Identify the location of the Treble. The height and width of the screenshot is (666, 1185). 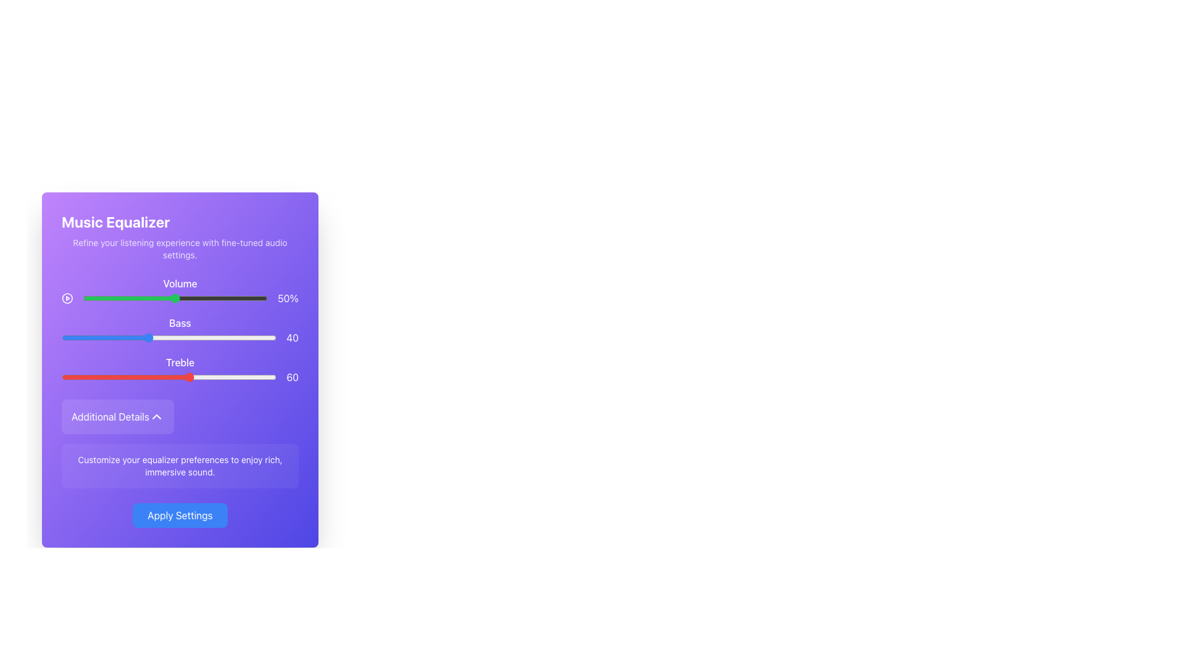
(189, 377).